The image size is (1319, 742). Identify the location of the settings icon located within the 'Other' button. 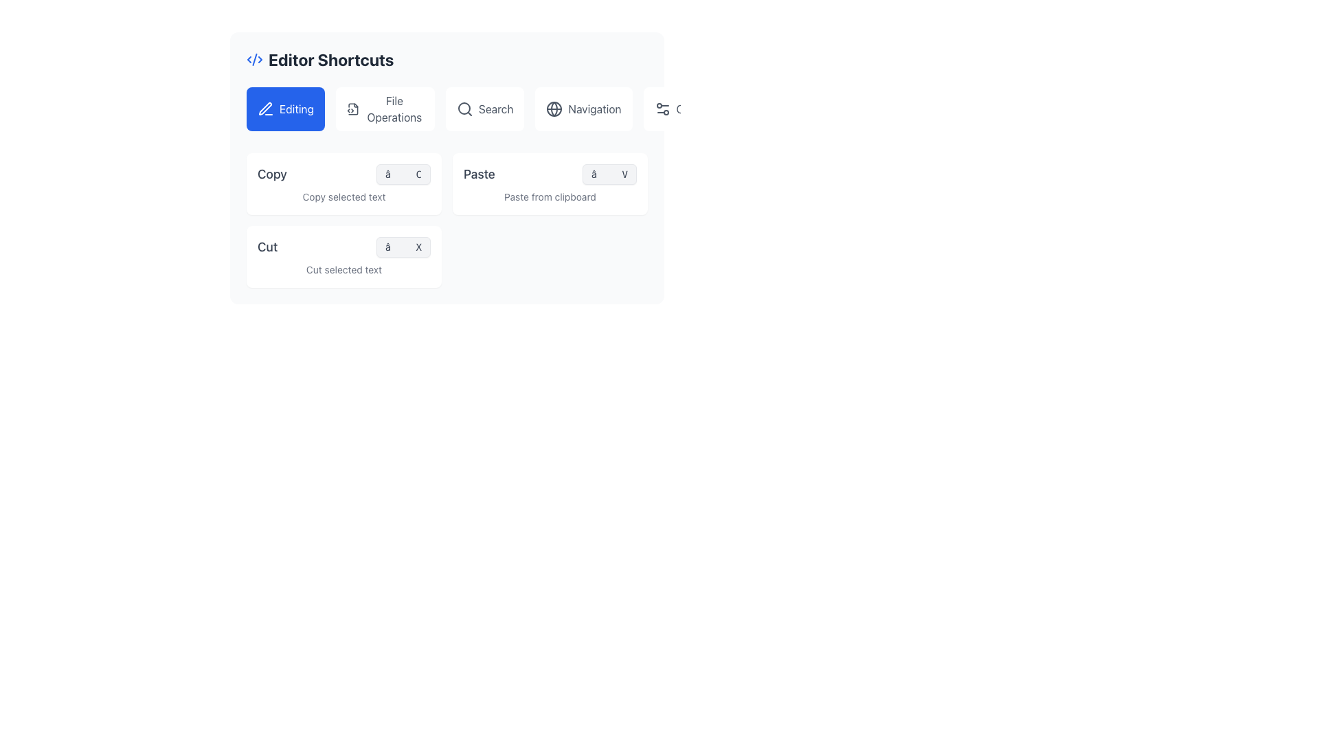
(662, 108).